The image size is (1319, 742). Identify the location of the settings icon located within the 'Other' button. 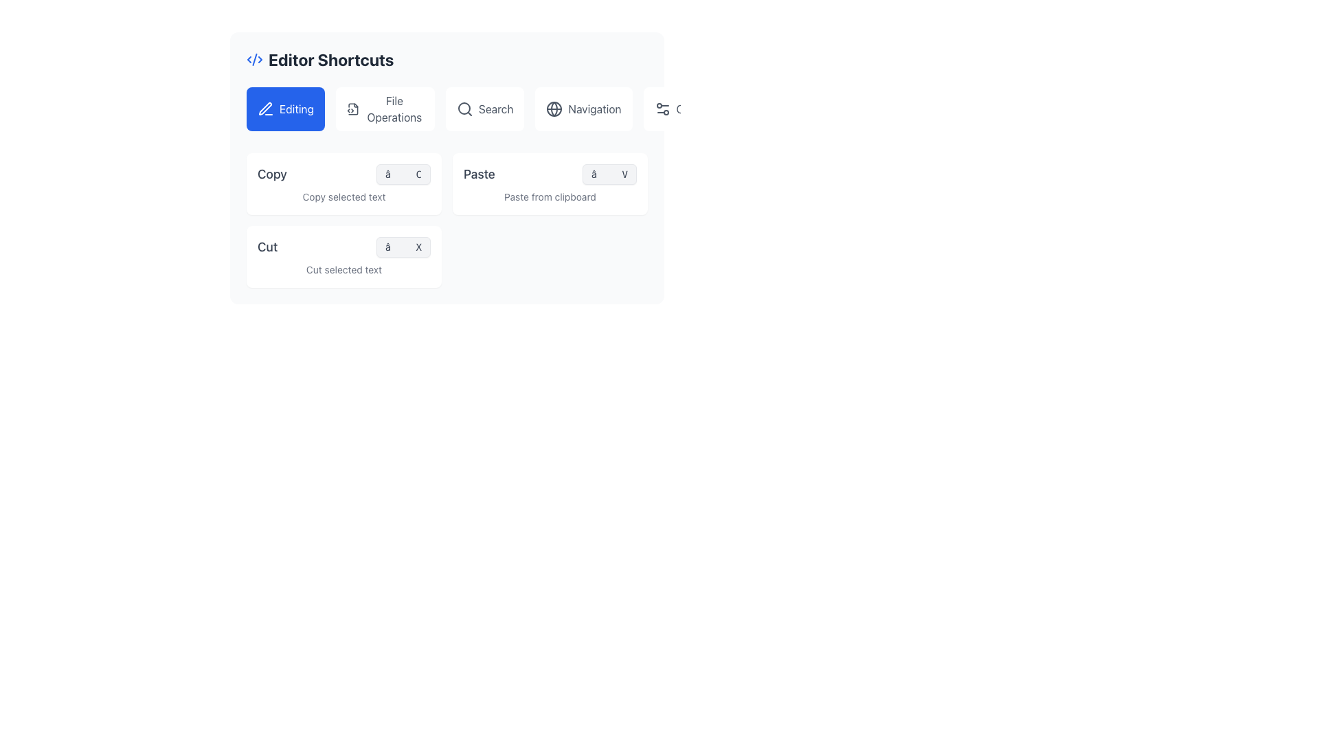
(662, 108).